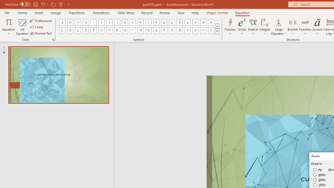 The width and height of the screenshot is (334, 188). I want to click on 'Fraction', so click(230, 27).